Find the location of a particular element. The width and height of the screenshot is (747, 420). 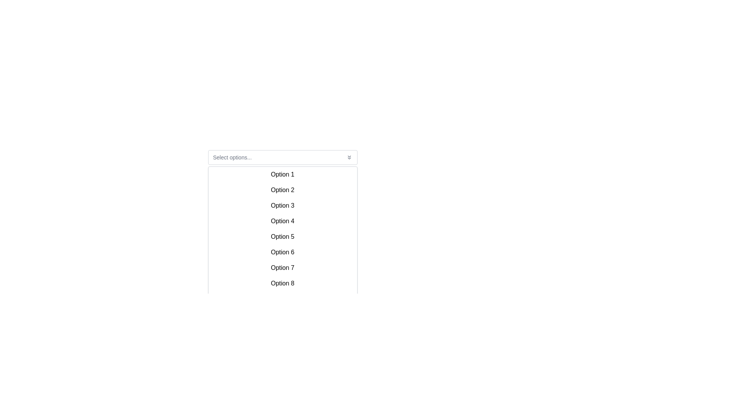

to select the 'Option 6' text snippet in the dropdown menu, which is the sixth option in the list, positioned between 'Option 5' and 'Option 7' is located at coordinates (282, 252).